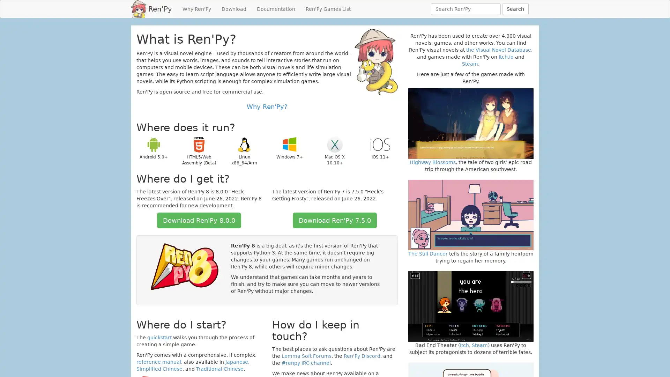  Describe the element at coordinates (199, 220) in the screenshot. I see `Download Ren'Py 8.0.0` at that location.